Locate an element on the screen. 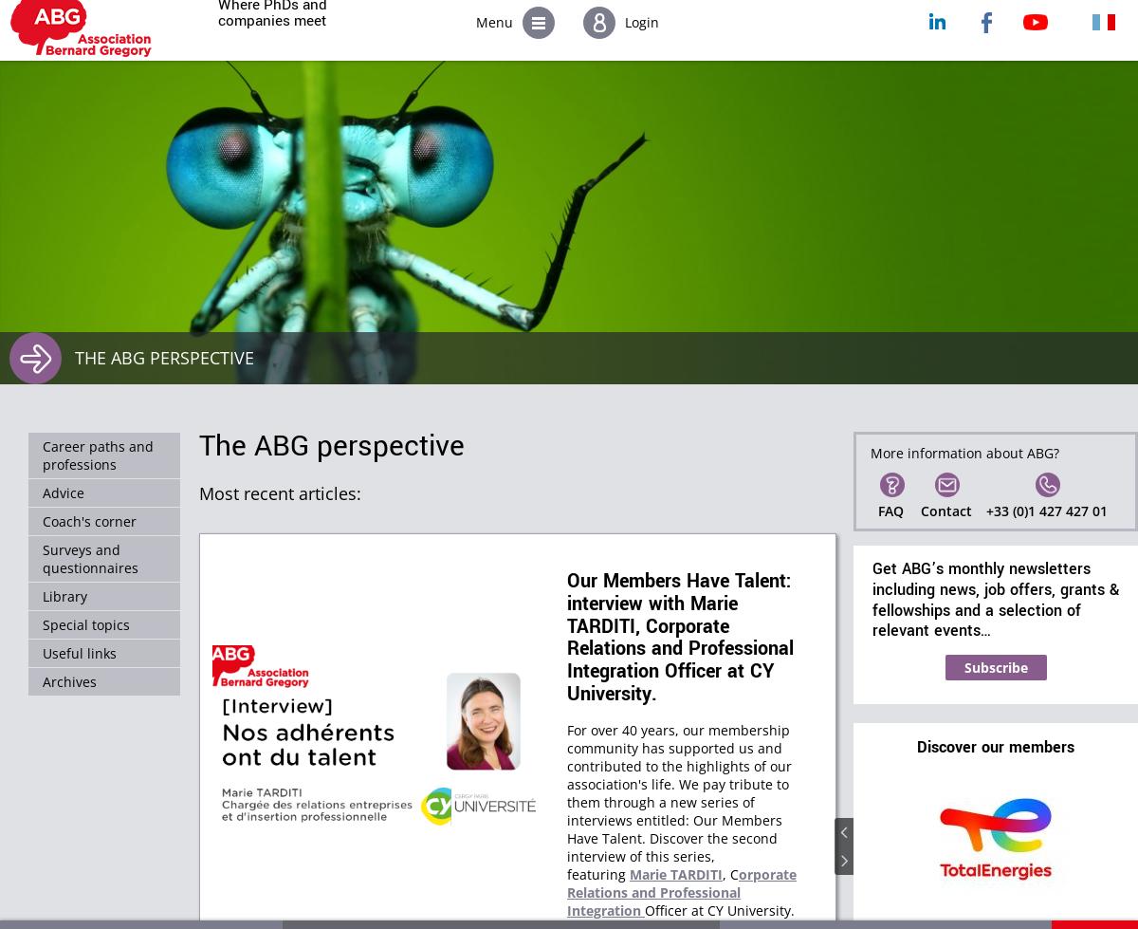  'Marie TARDITI' is located at coordinates (676, 873).